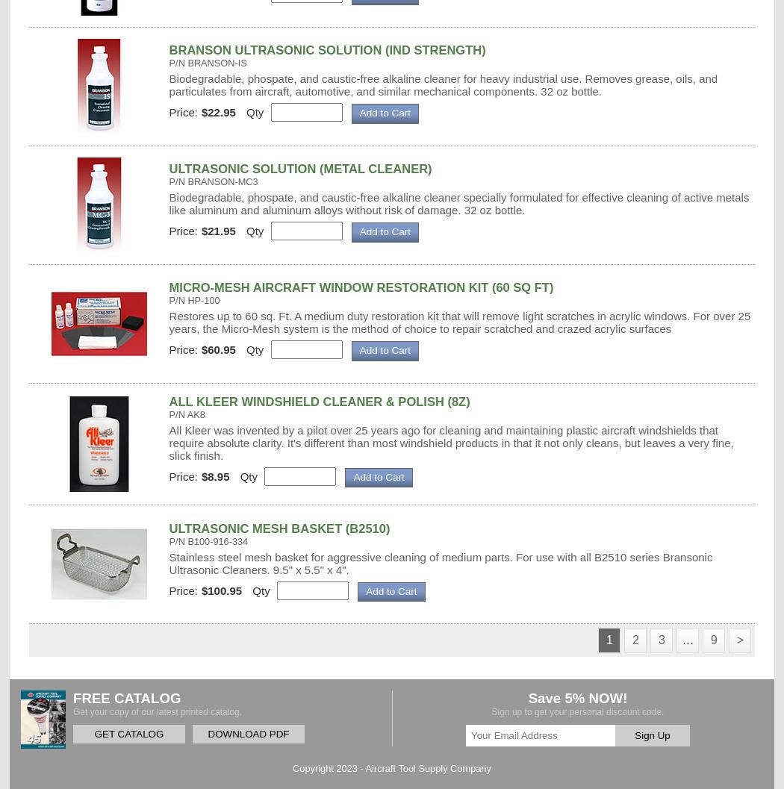 This screenshot has width=784, height=789. Describe the element at coordinates (631, 639) in the screenshot. I see `'2'` at that location.